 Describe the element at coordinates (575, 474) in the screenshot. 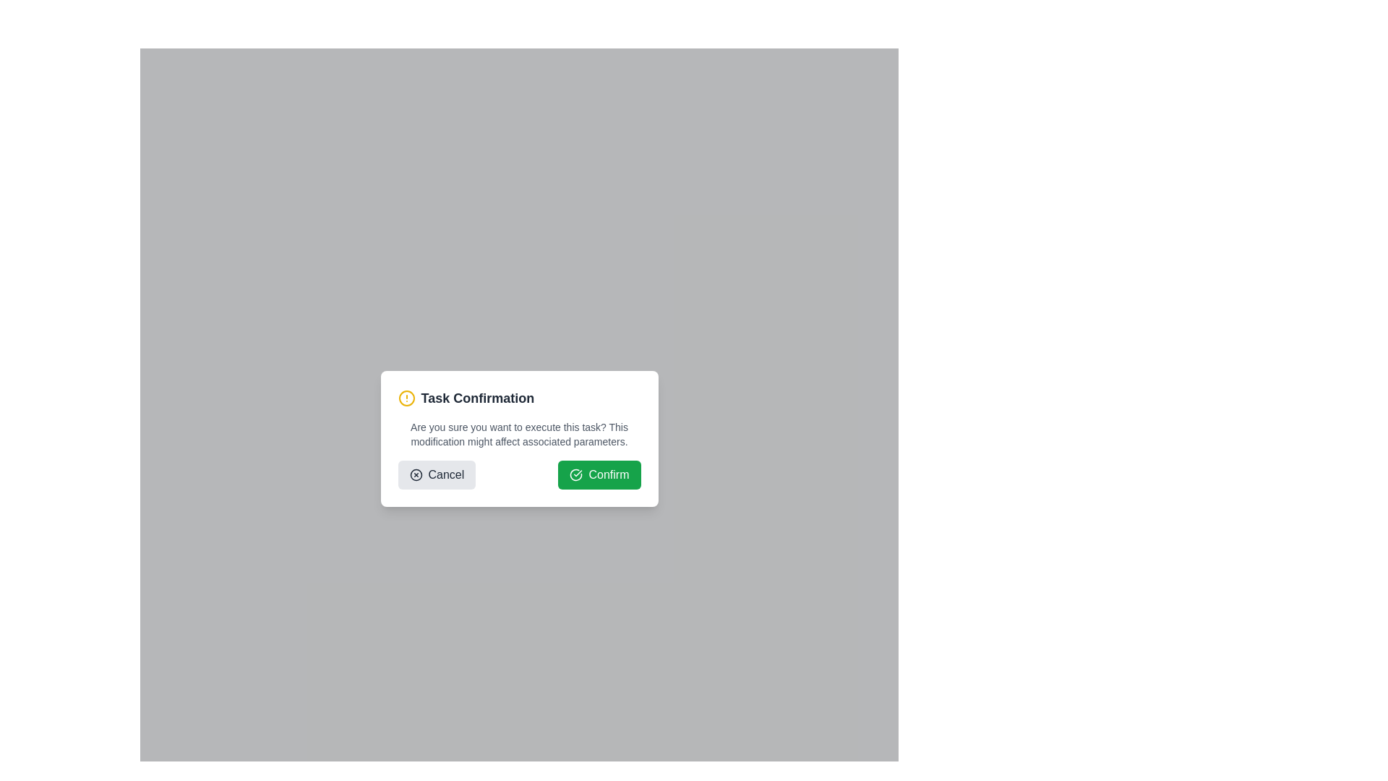

I see `the confirmation icon, which is represented by a green circular outline with a check mark inside, located to the left of the text 'Confirm' within the 'Confirm' button at the bottom right of the dialog box` at that location.